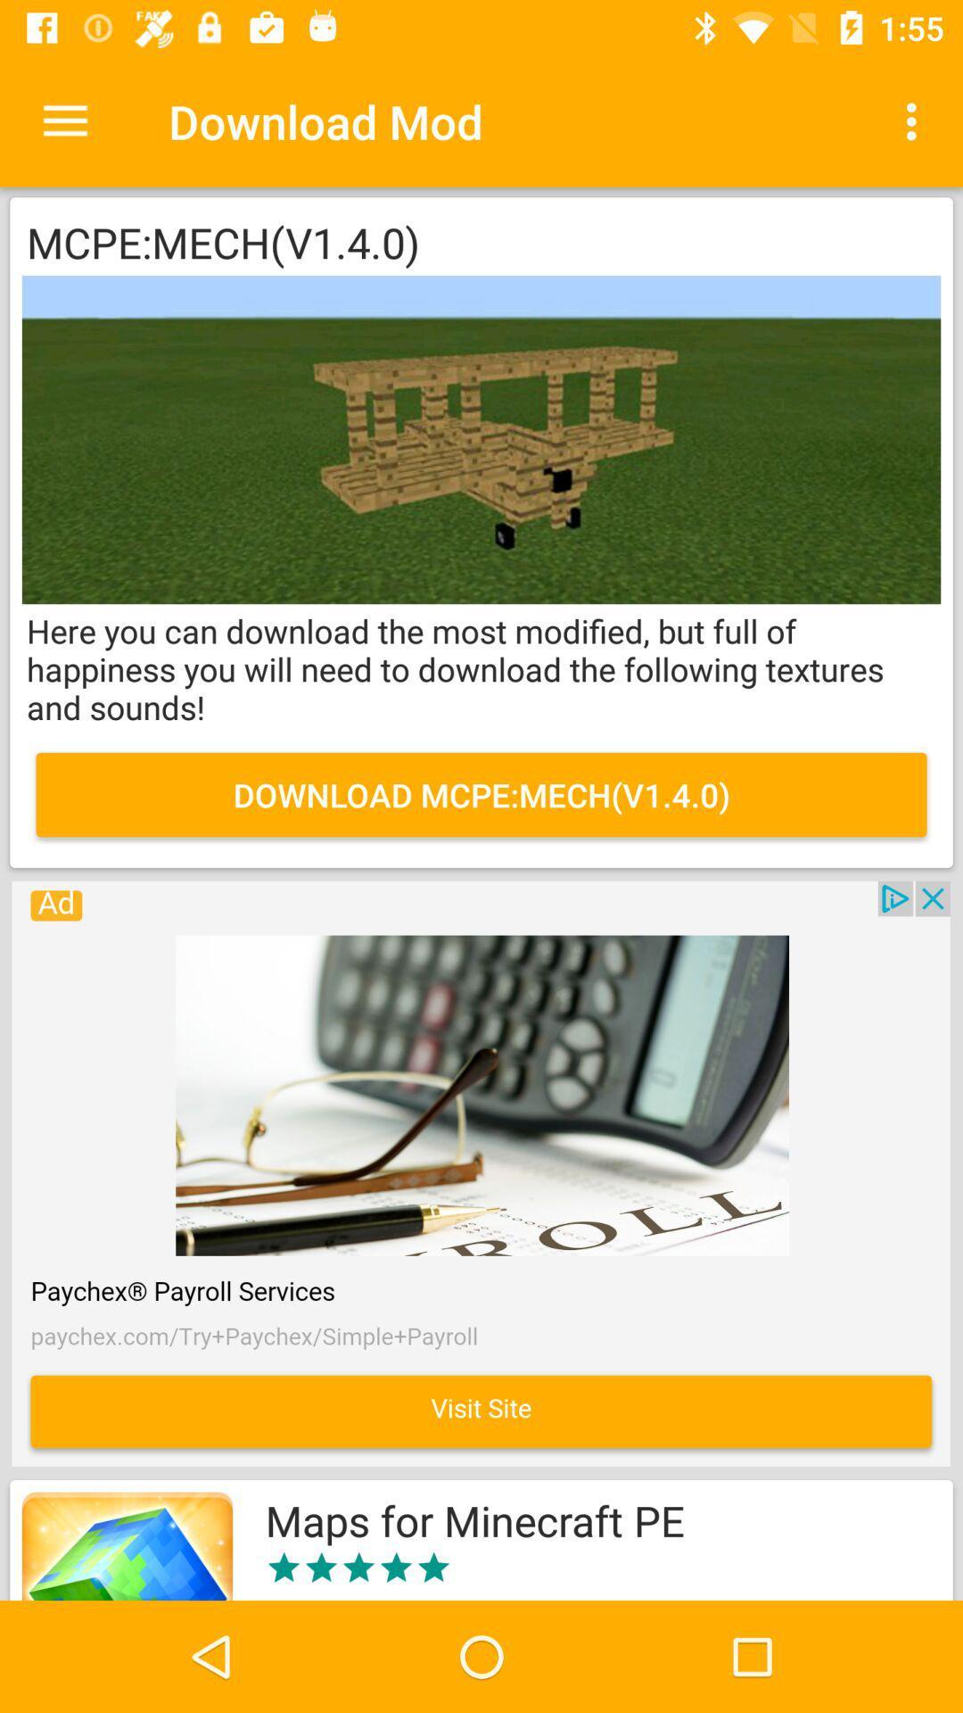  Describe the element at coordinates (480, 1173) in the screenshot. I see `advertisement` at that location.